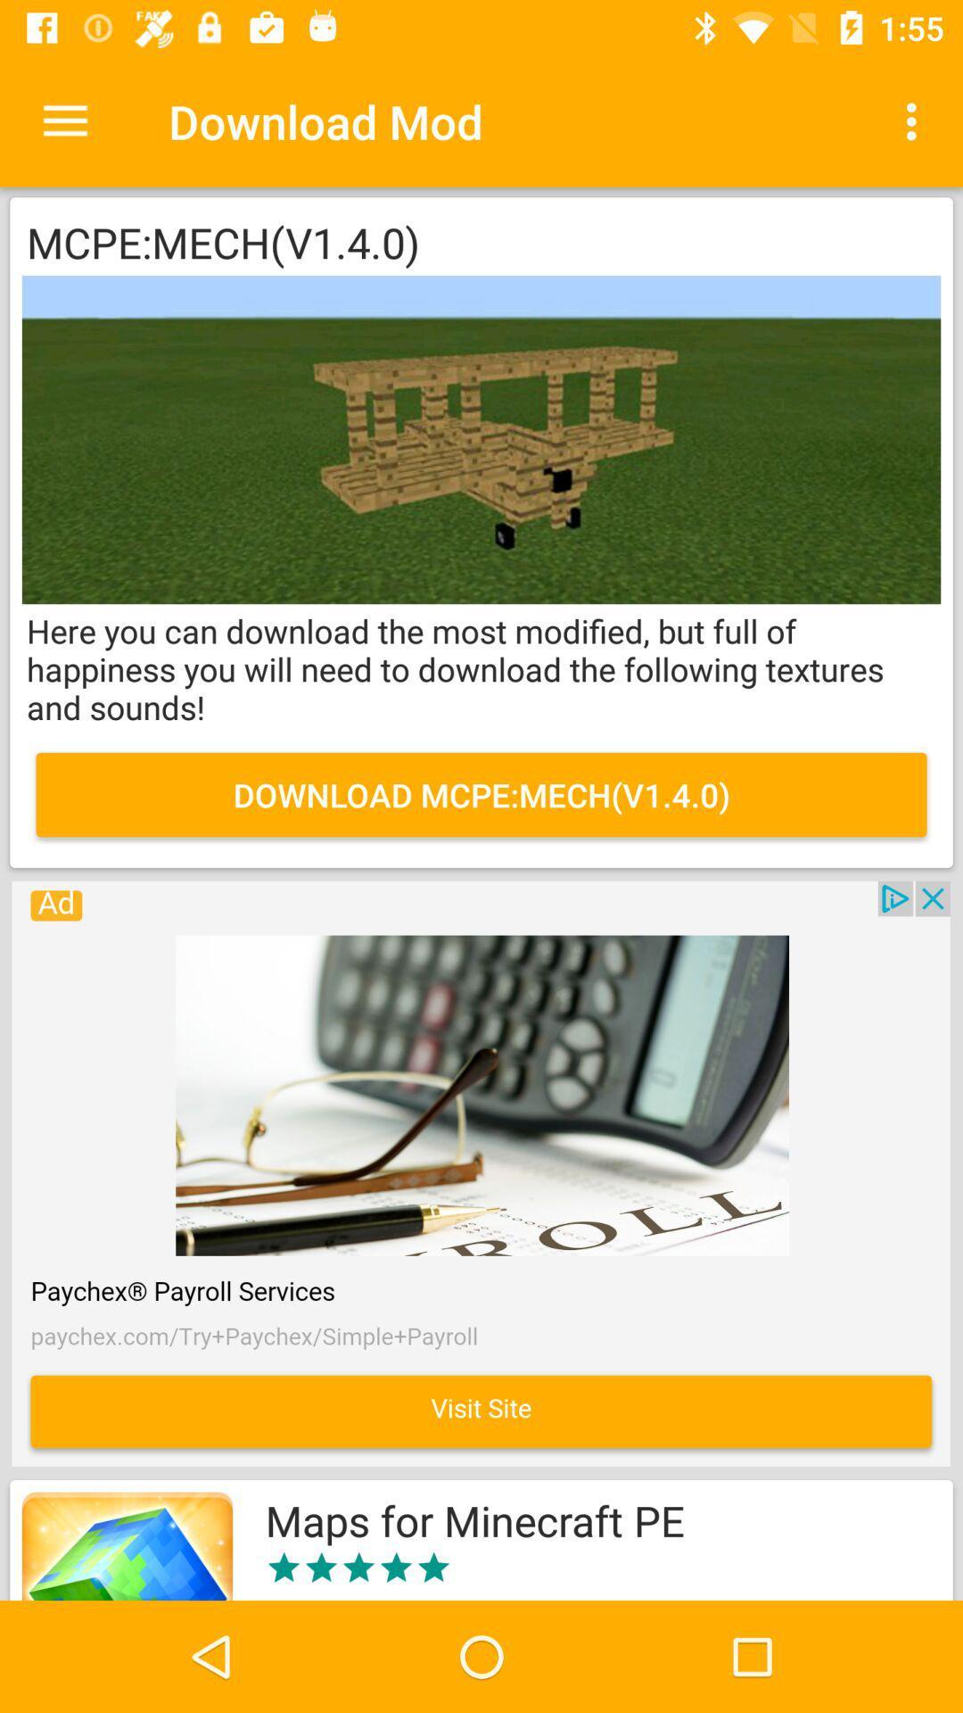  Describe the element at coordinates (480, 1173) in the screenshot. I see `advertisement` at that location.